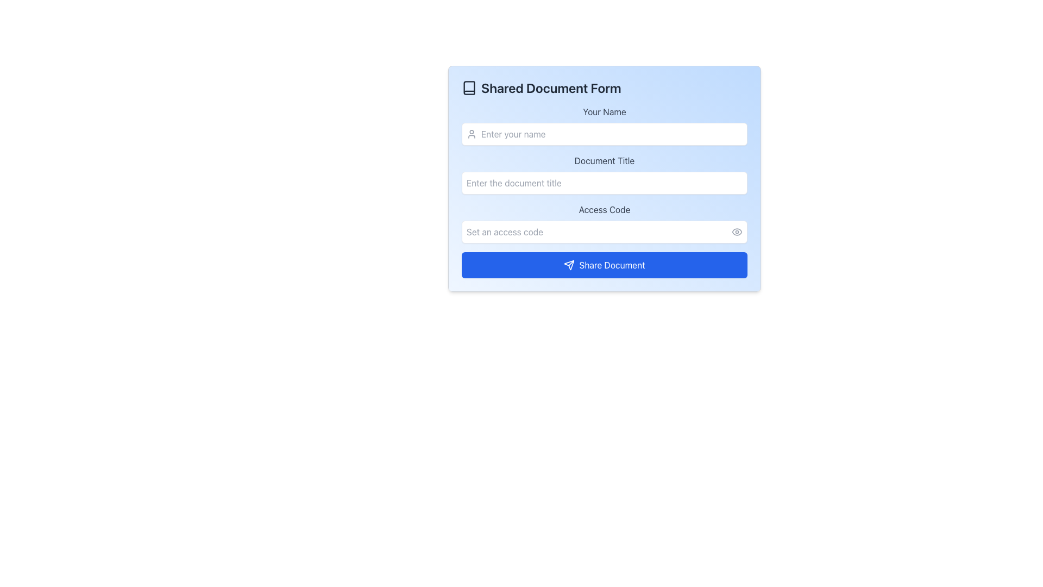 Image resolution: width=1043 pixels, height=587 pixels. Describe the element at coordinates (472, 133) in the screenshot. I see `the Decorative icon associated with the 'Enter your name' text field` at that location.